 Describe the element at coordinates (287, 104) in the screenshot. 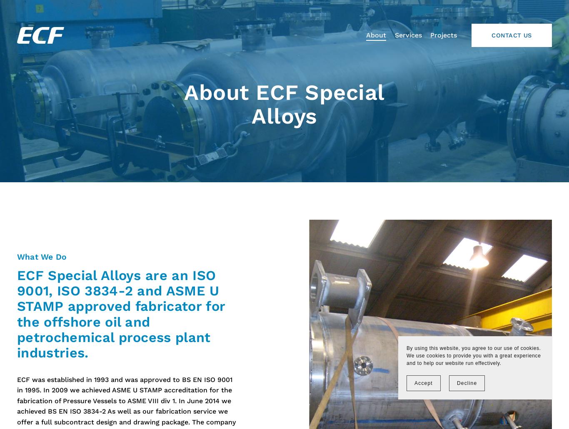

I see `'About ECF Special Alloys'` at that location.